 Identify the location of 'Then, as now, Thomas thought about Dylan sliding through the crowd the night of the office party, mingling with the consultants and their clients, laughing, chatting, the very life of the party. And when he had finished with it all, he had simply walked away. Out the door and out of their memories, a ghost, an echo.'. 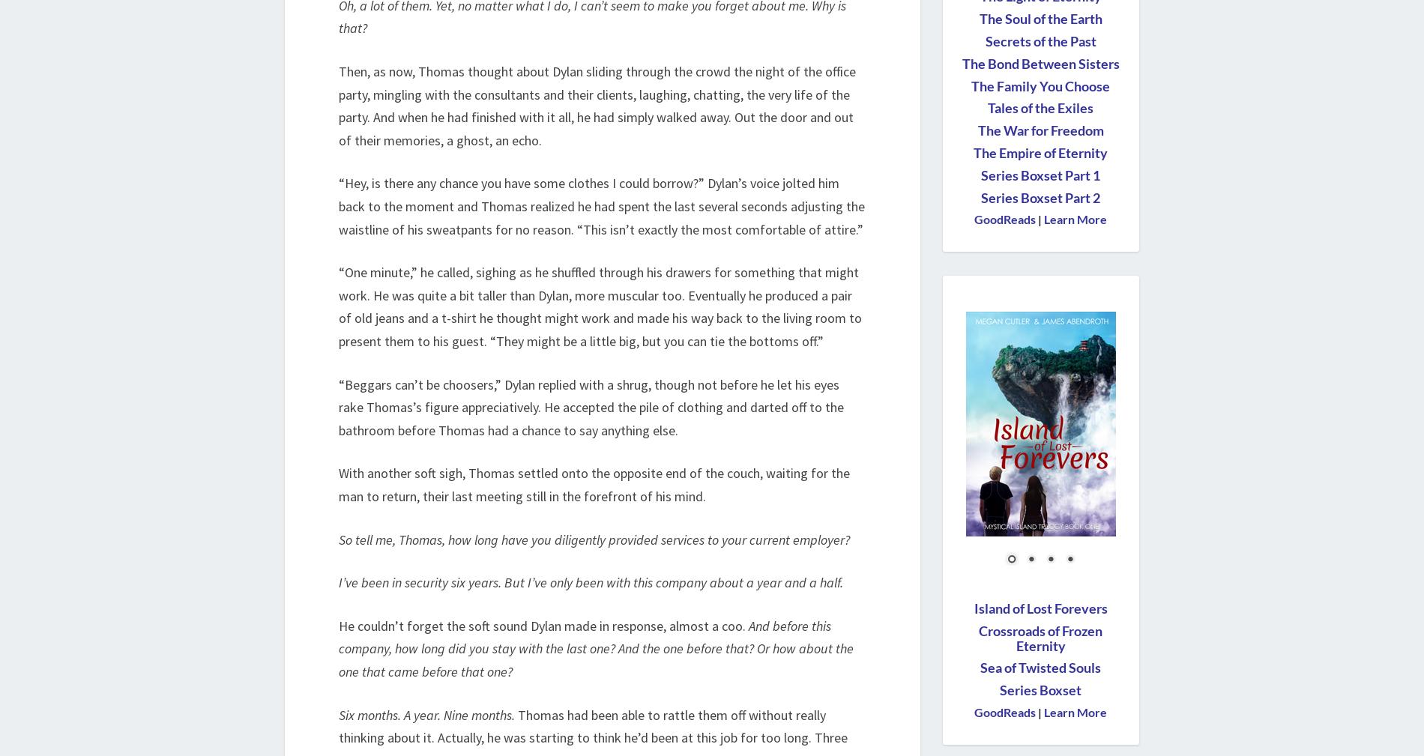
(597, 104).